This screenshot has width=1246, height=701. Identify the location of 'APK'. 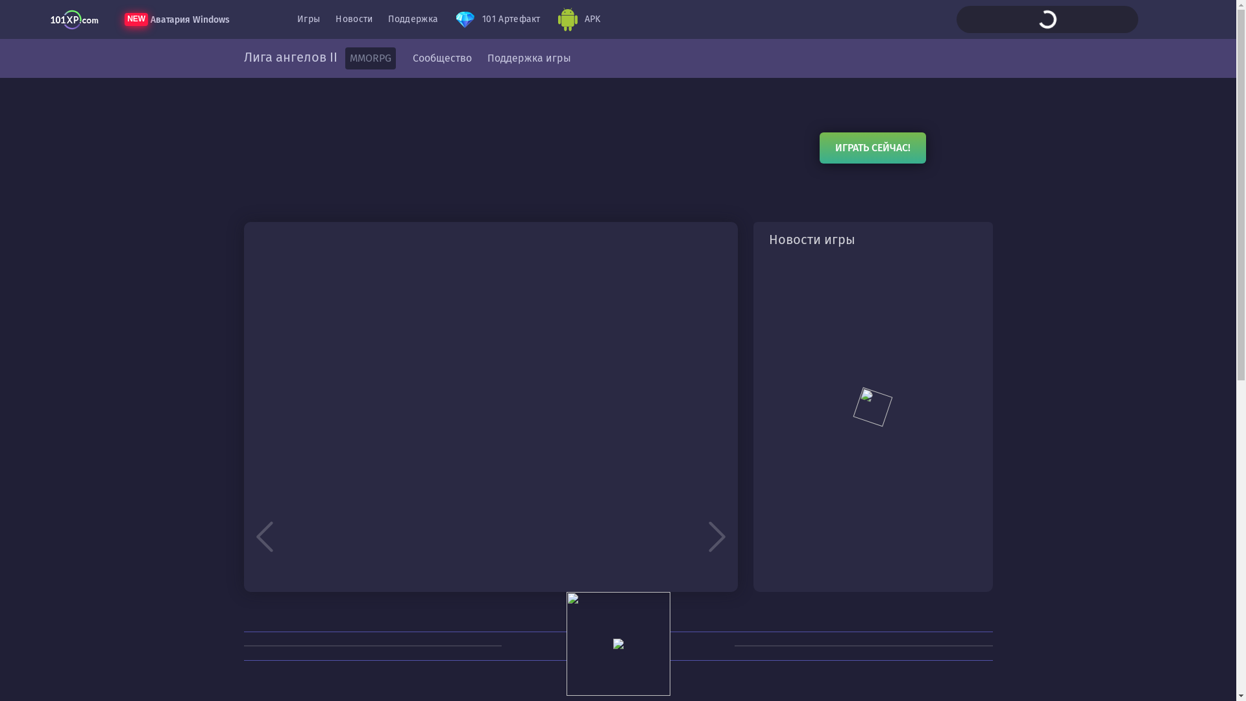
(548, 19).